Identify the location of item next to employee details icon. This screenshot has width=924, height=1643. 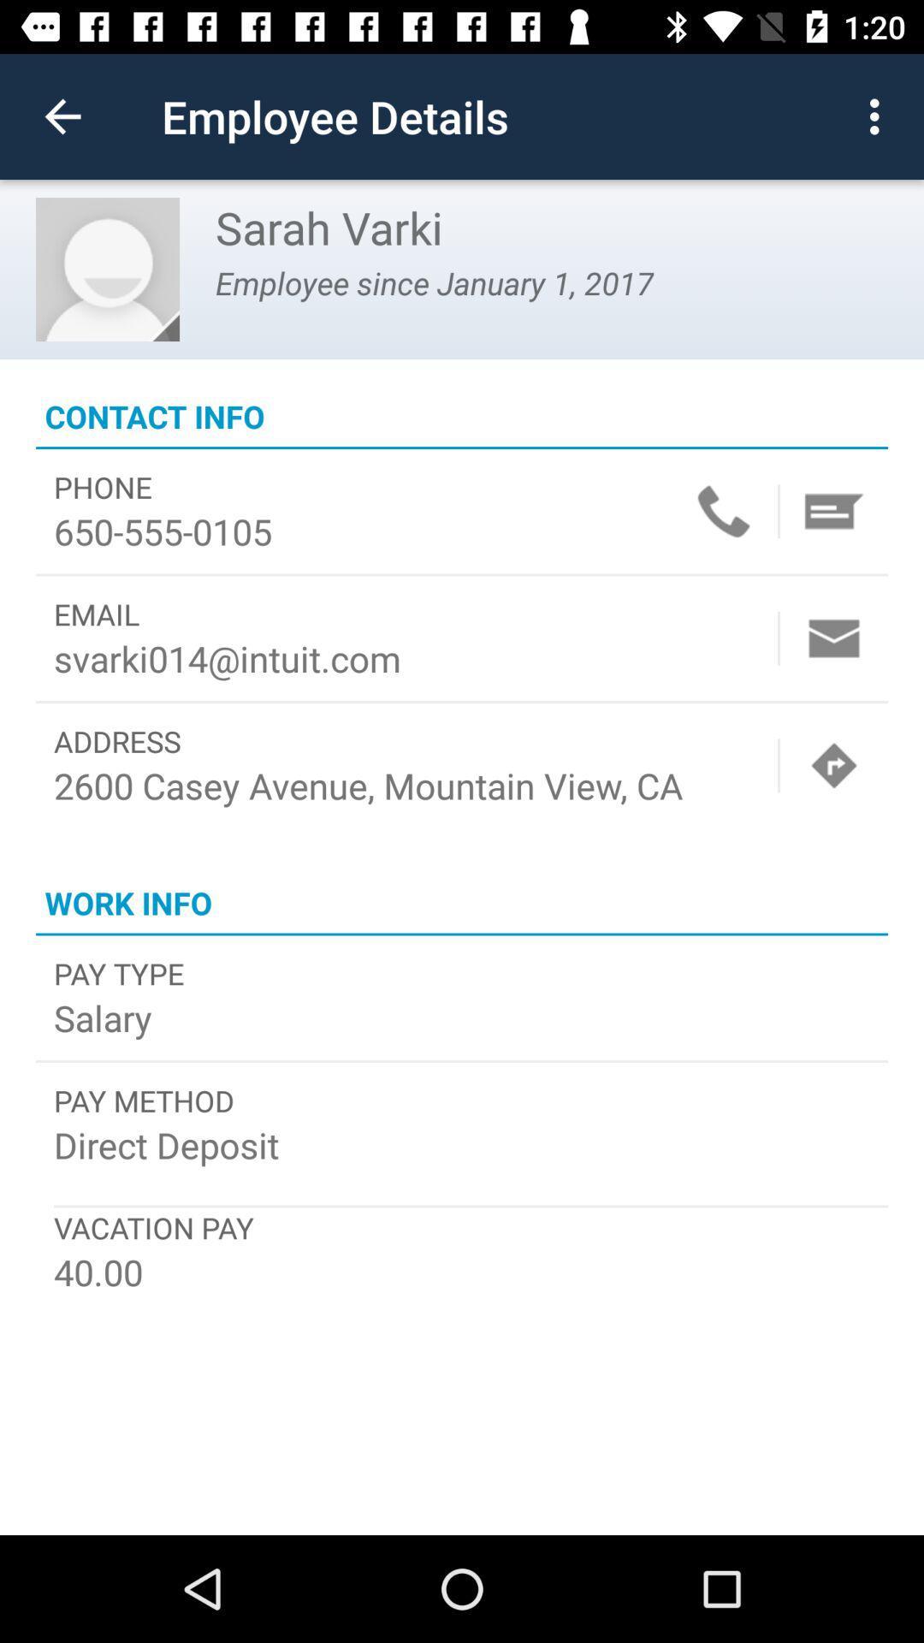
(62, 116).